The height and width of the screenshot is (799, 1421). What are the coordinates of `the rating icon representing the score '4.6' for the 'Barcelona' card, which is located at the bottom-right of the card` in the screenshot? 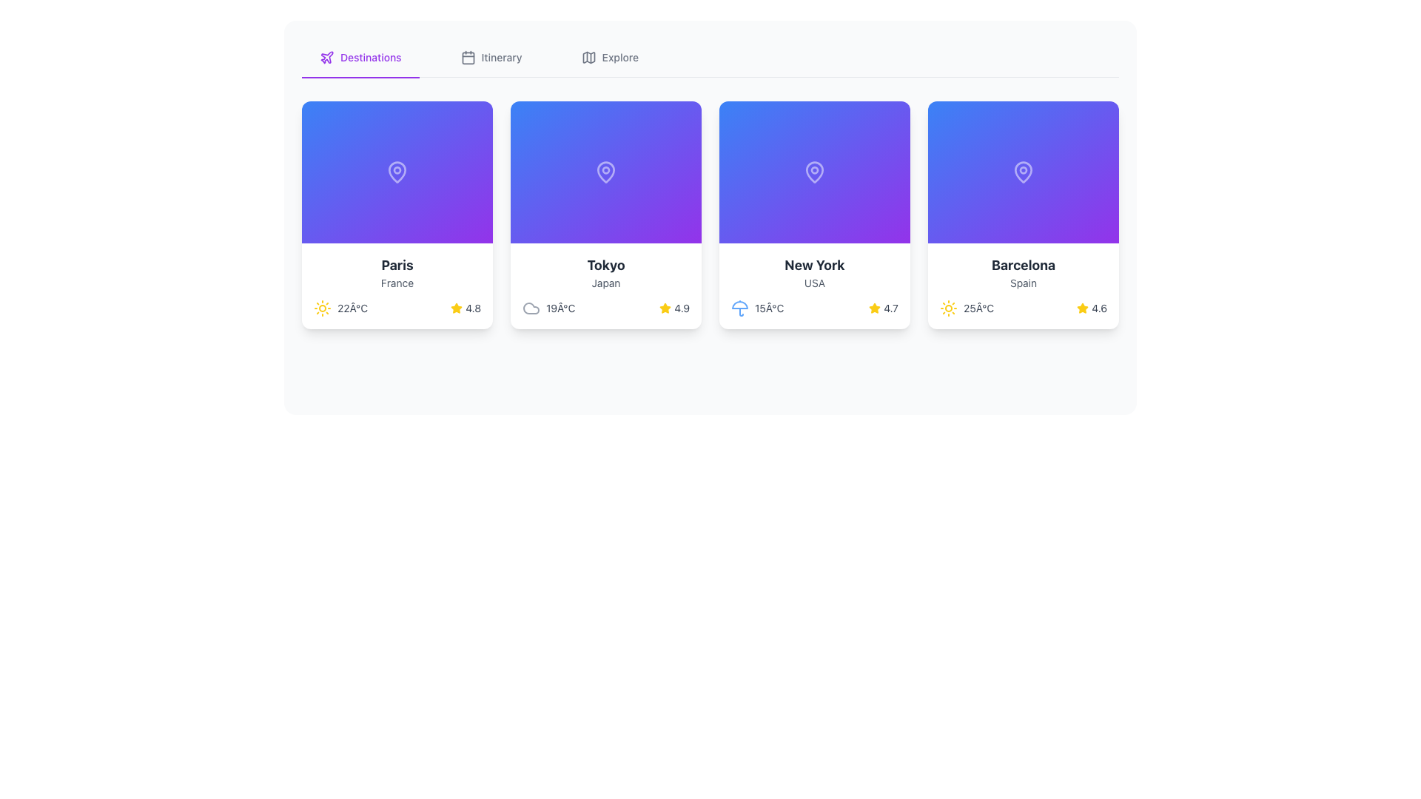 It's located at (1083, 307).